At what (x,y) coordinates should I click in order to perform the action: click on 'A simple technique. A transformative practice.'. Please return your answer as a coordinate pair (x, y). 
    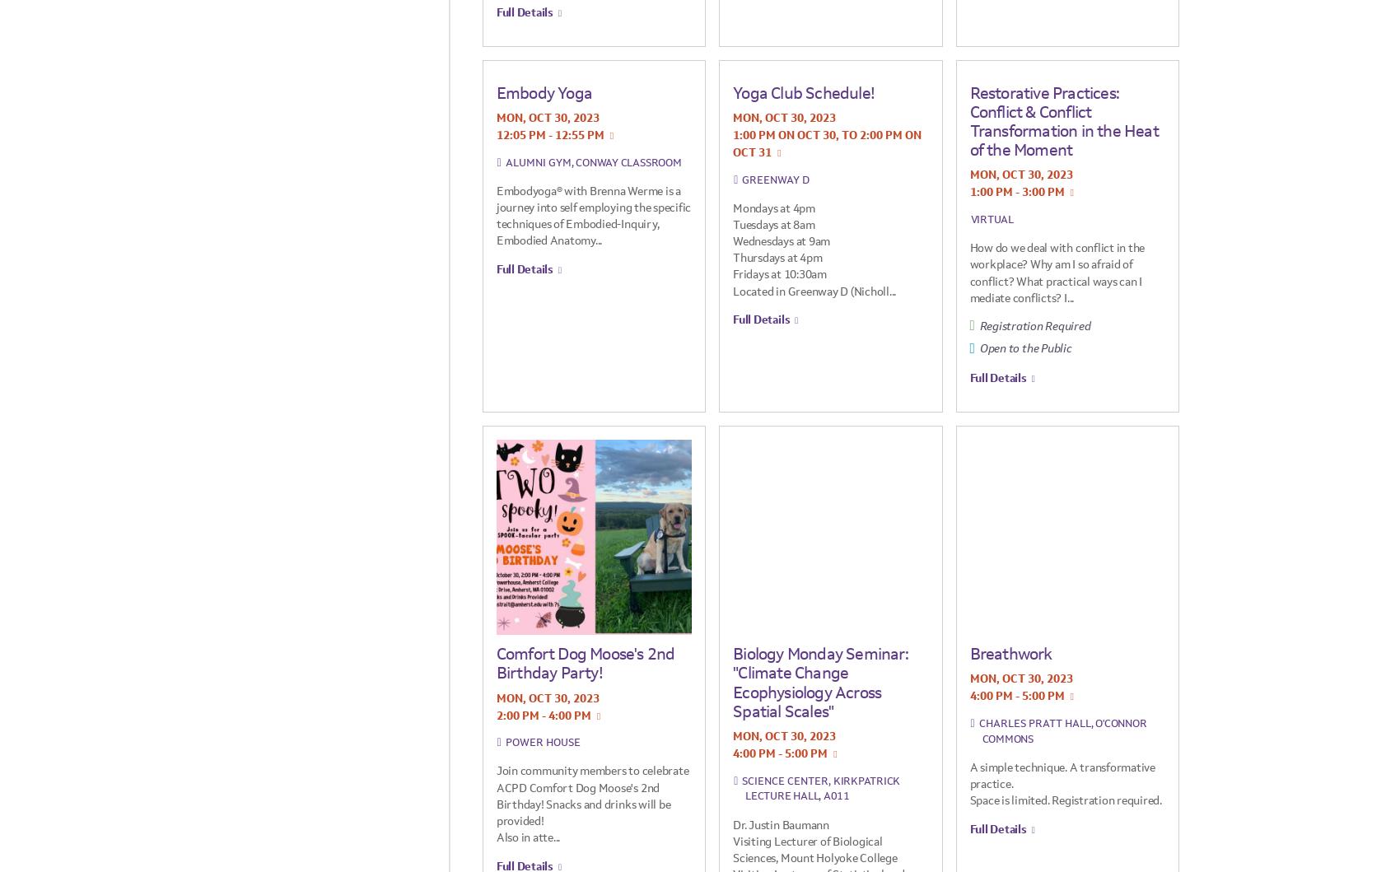
    Looking at the image, I should click on (1062, 775).